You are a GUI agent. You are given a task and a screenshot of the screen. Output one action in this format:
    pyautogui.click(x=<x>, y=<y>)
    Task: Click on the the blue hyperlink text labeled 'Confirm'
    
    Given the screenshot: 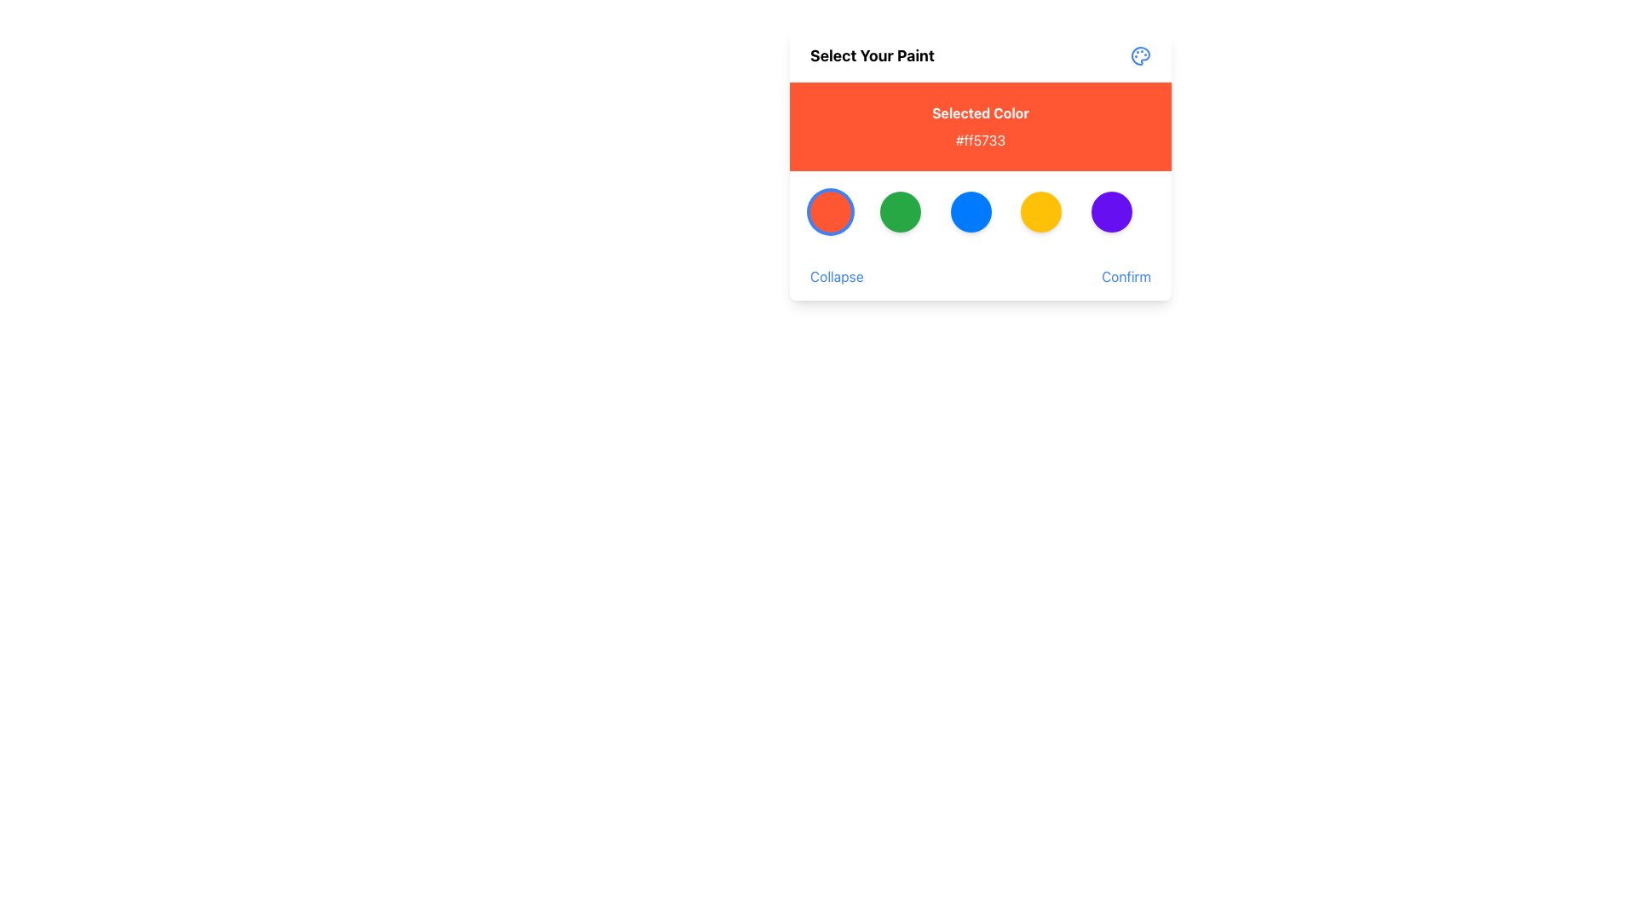 What is the action you would take?
    pyautogui.click(x=1126, y=275)
    